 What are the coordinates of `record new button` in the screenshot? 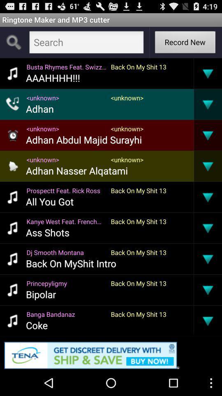 It's located at (185, 43).